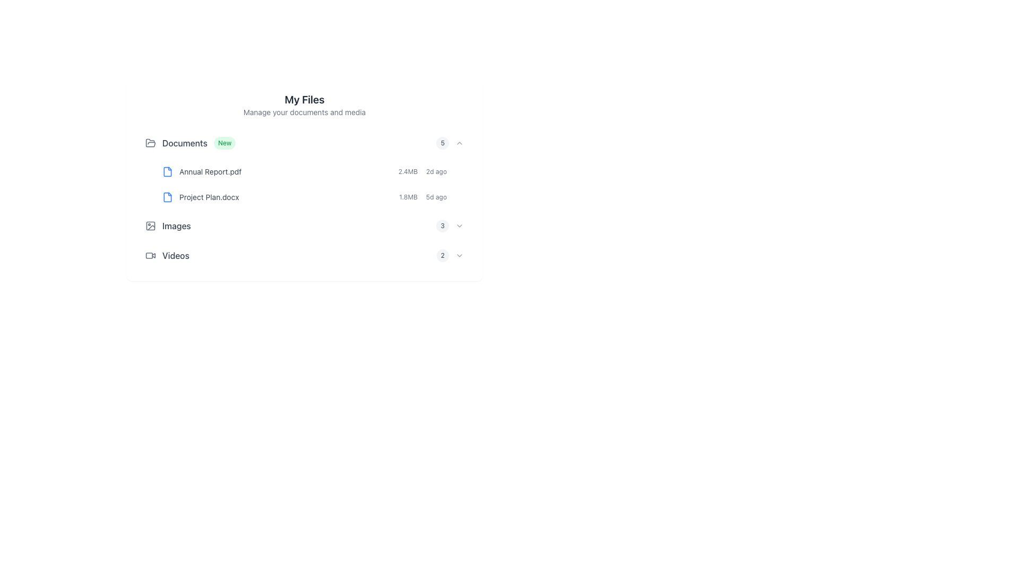 This screenshot has height=573, width=1019. I want to click on the text component displaying metadata for 'Project Plan.docx', which includes file size and last modified date, located in the second row under 'Documents', so click(431, 197).